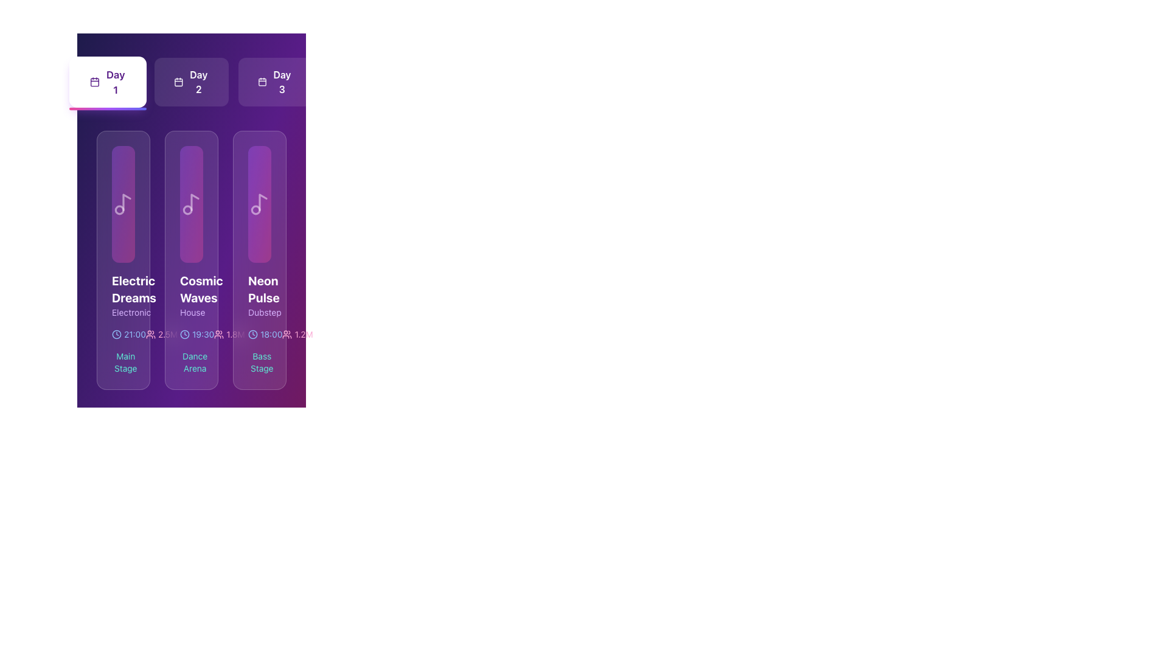 This screenshot has height=657, width=1168. Describe the element at coordinates (123, 203) in the screenshot. I see `the decorative musical icon located in the first column of the 'Day 1' section, positioned below the 'Electric Dreams' label and above the 'Main Stage' descriptive text` at that location.